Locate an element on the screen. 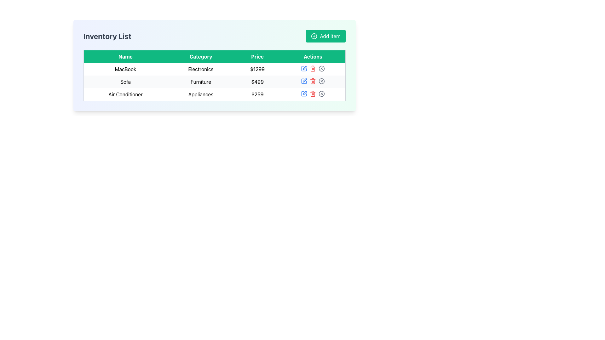 This screenshot has height=340, width=605. the graphical element within the SVG icon in the action column of the table row for the 'Sofa' entry, which indicates a potential action such as deletion or closing is located at coordinates (322, 81).